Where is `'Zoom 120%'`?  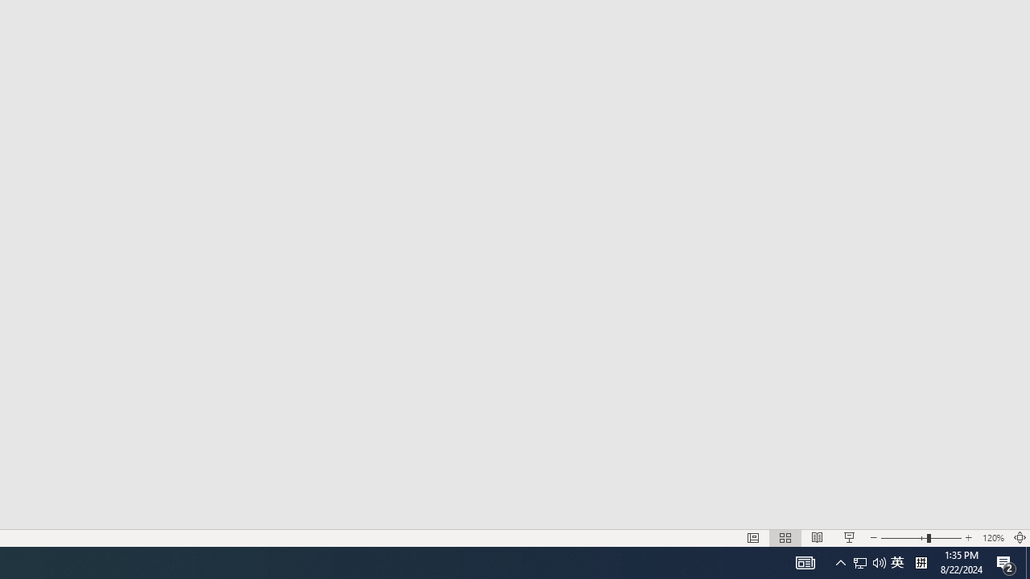 'Zoom 120%' is located at coordinates (992, 538).